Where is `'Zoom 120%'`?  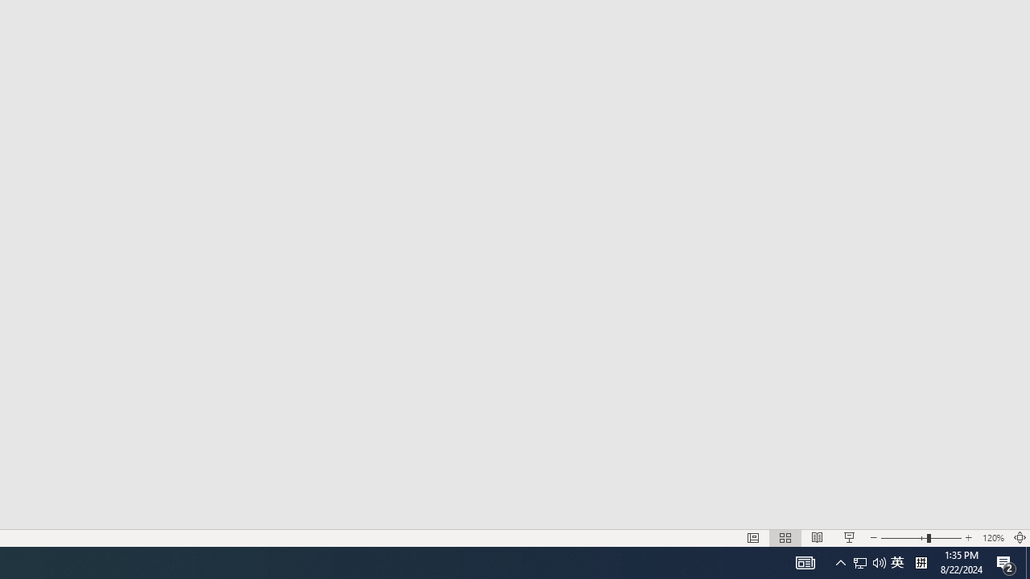 'Zoom 120%' is located at coordinates (992, 538).